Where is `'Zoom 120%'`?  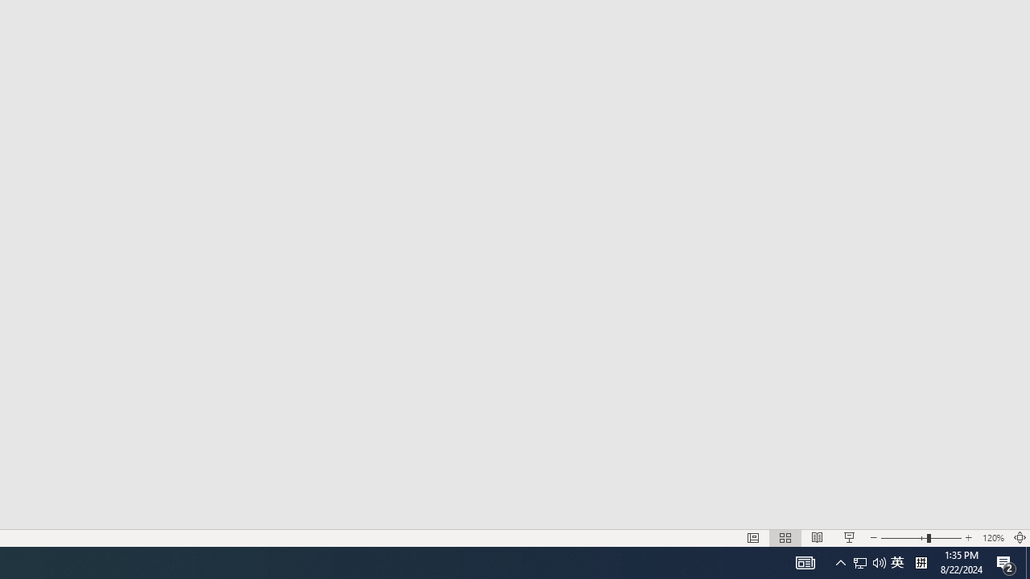 'Zoom 120%' is located at coordinates (992, 538).